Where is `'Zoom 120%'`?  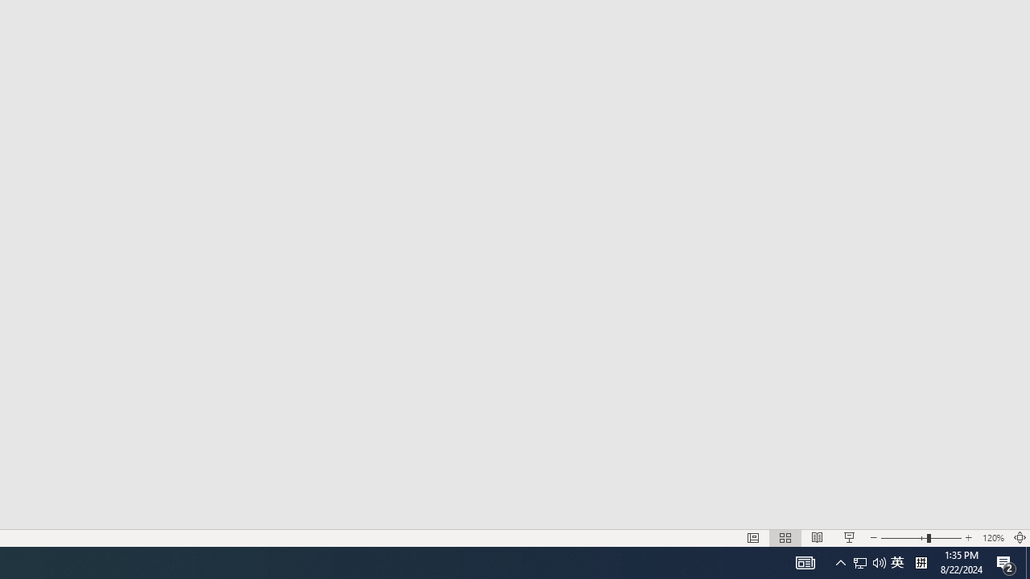 'Zoom 120%' is located at coordinates (992, 538).